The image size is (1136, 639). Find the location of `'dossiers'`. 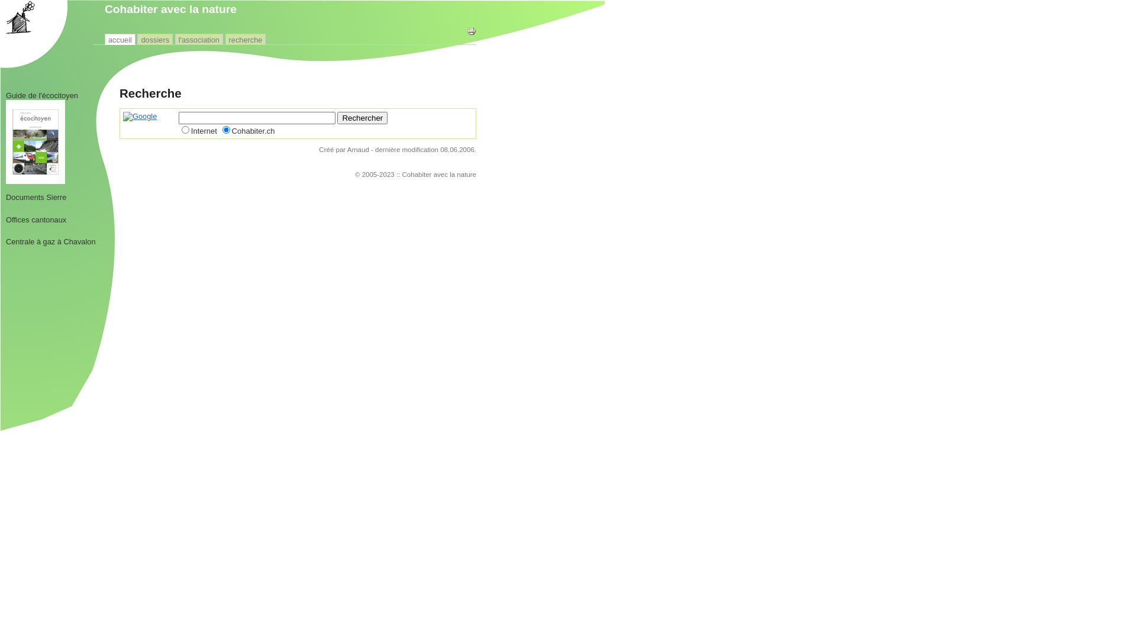

'dossiers' is located at coordinates (141, 39).